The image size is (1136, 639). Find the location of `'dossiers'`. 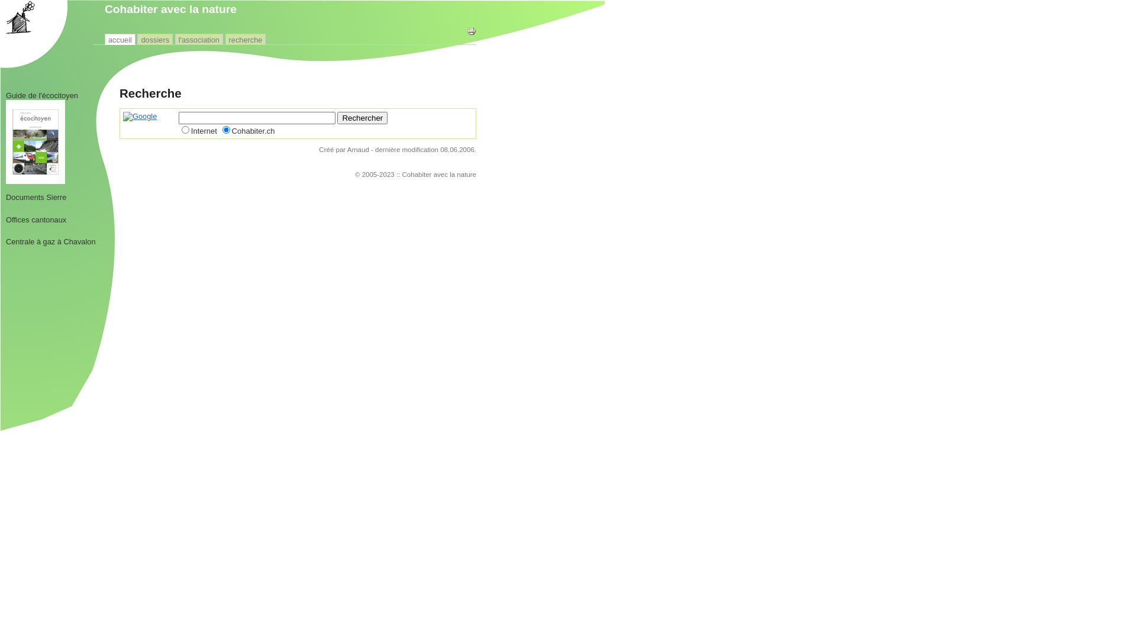

'dossiers' is located at coordinates (141, 39).